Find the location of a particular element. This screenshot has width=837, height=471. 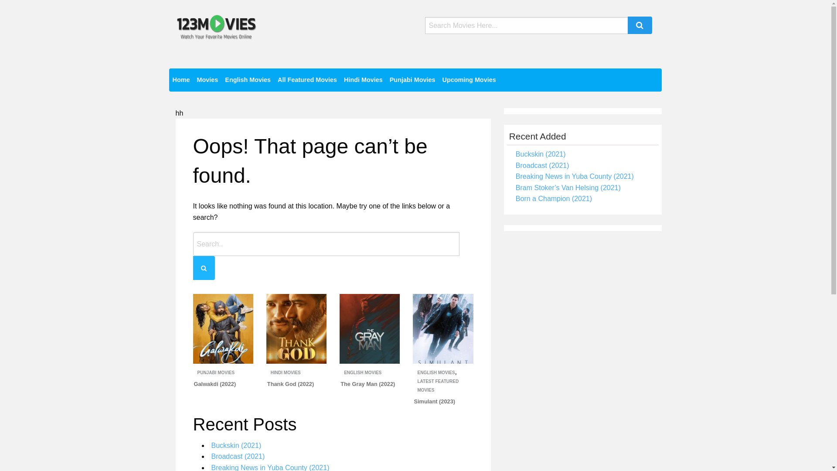

'Home' is located at coordinates (181, 80).